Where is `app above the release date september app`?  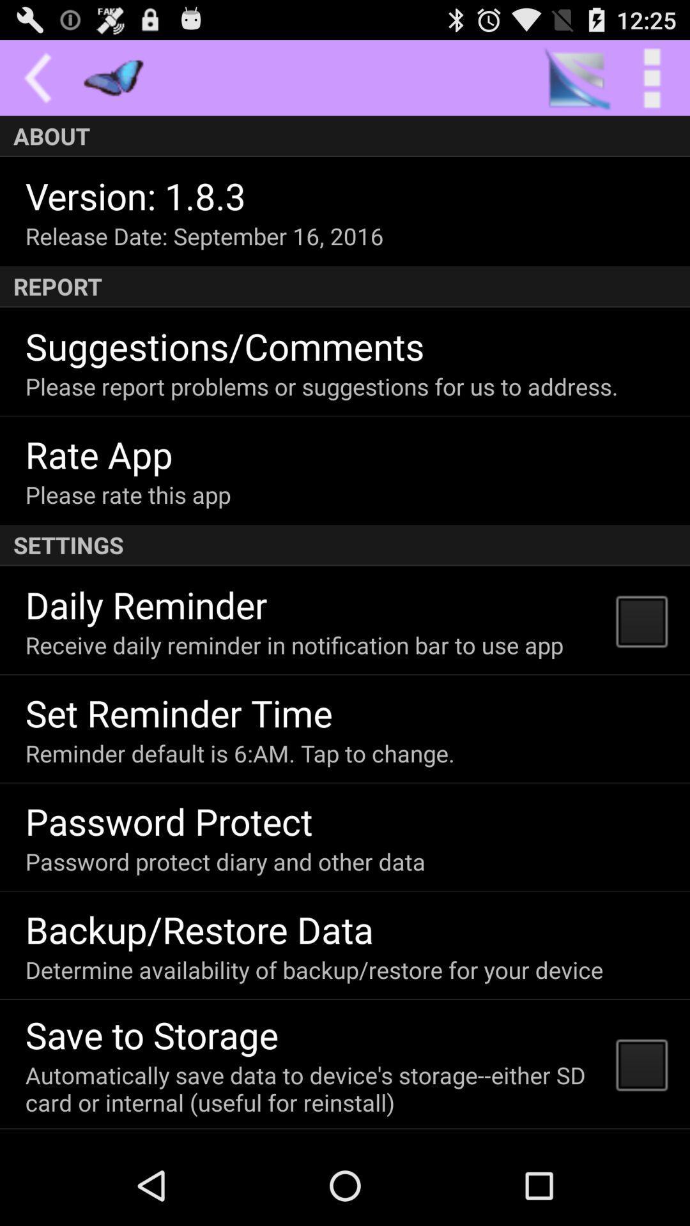
app above the release date september app is located at coordinates (135, 195).